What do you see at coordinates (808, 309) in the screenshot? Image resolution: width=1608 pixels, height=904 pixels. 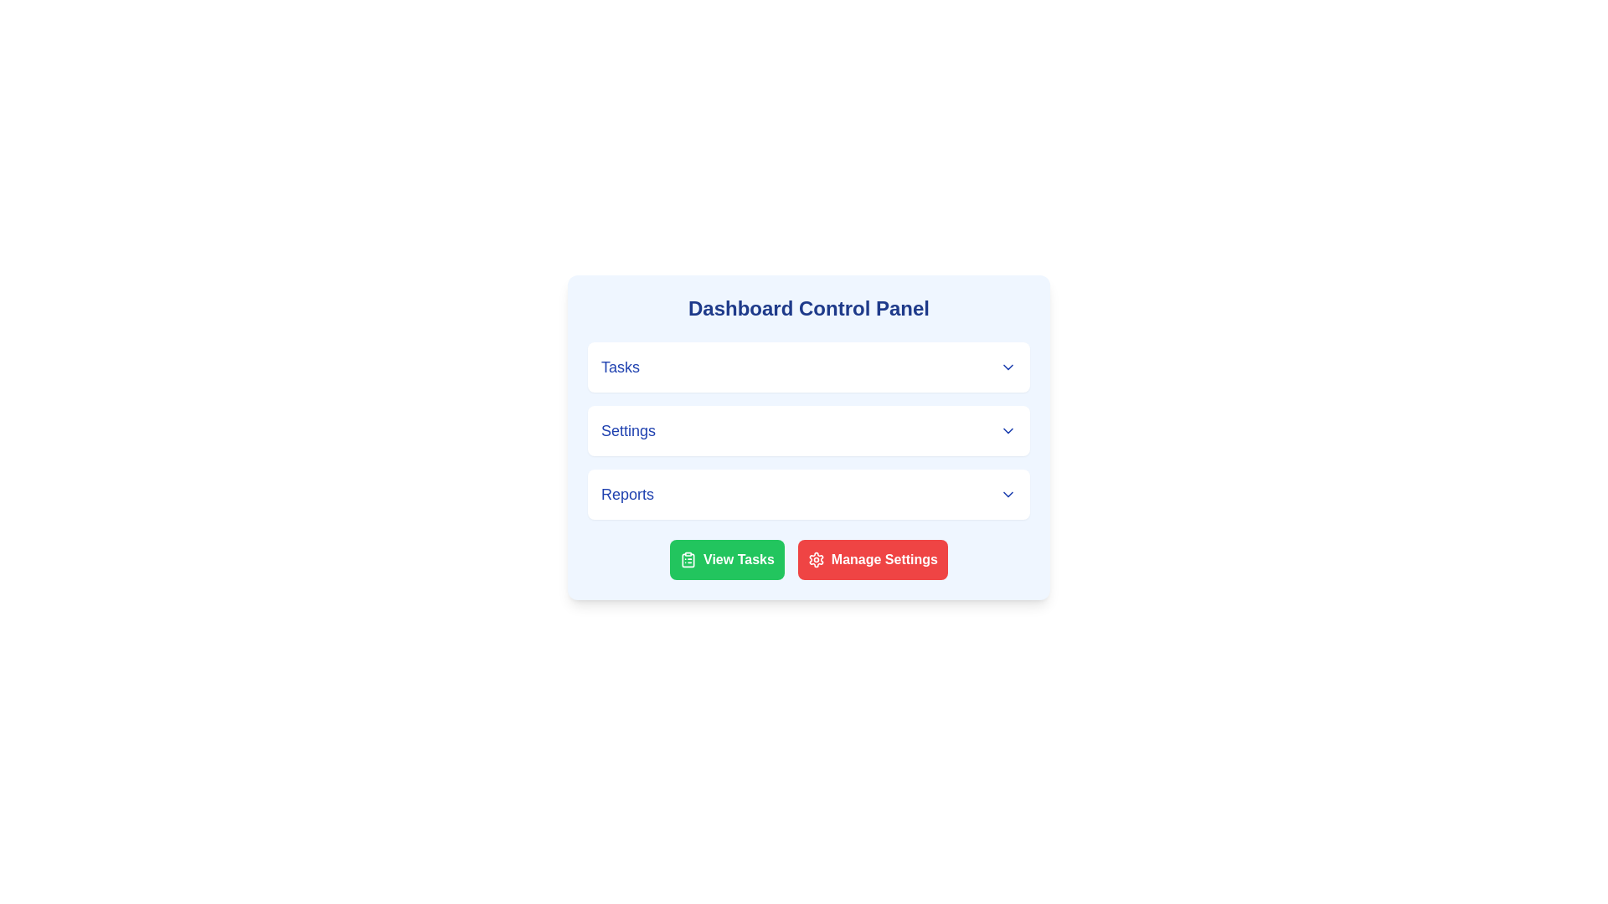 I see `text of the Heading element located at the top of the panel, which serves as the title for the panel and spans horizontally above the buttons labeled 'Tasks', 'Settings', and 'Reports'` at bounding box center [808, 309].